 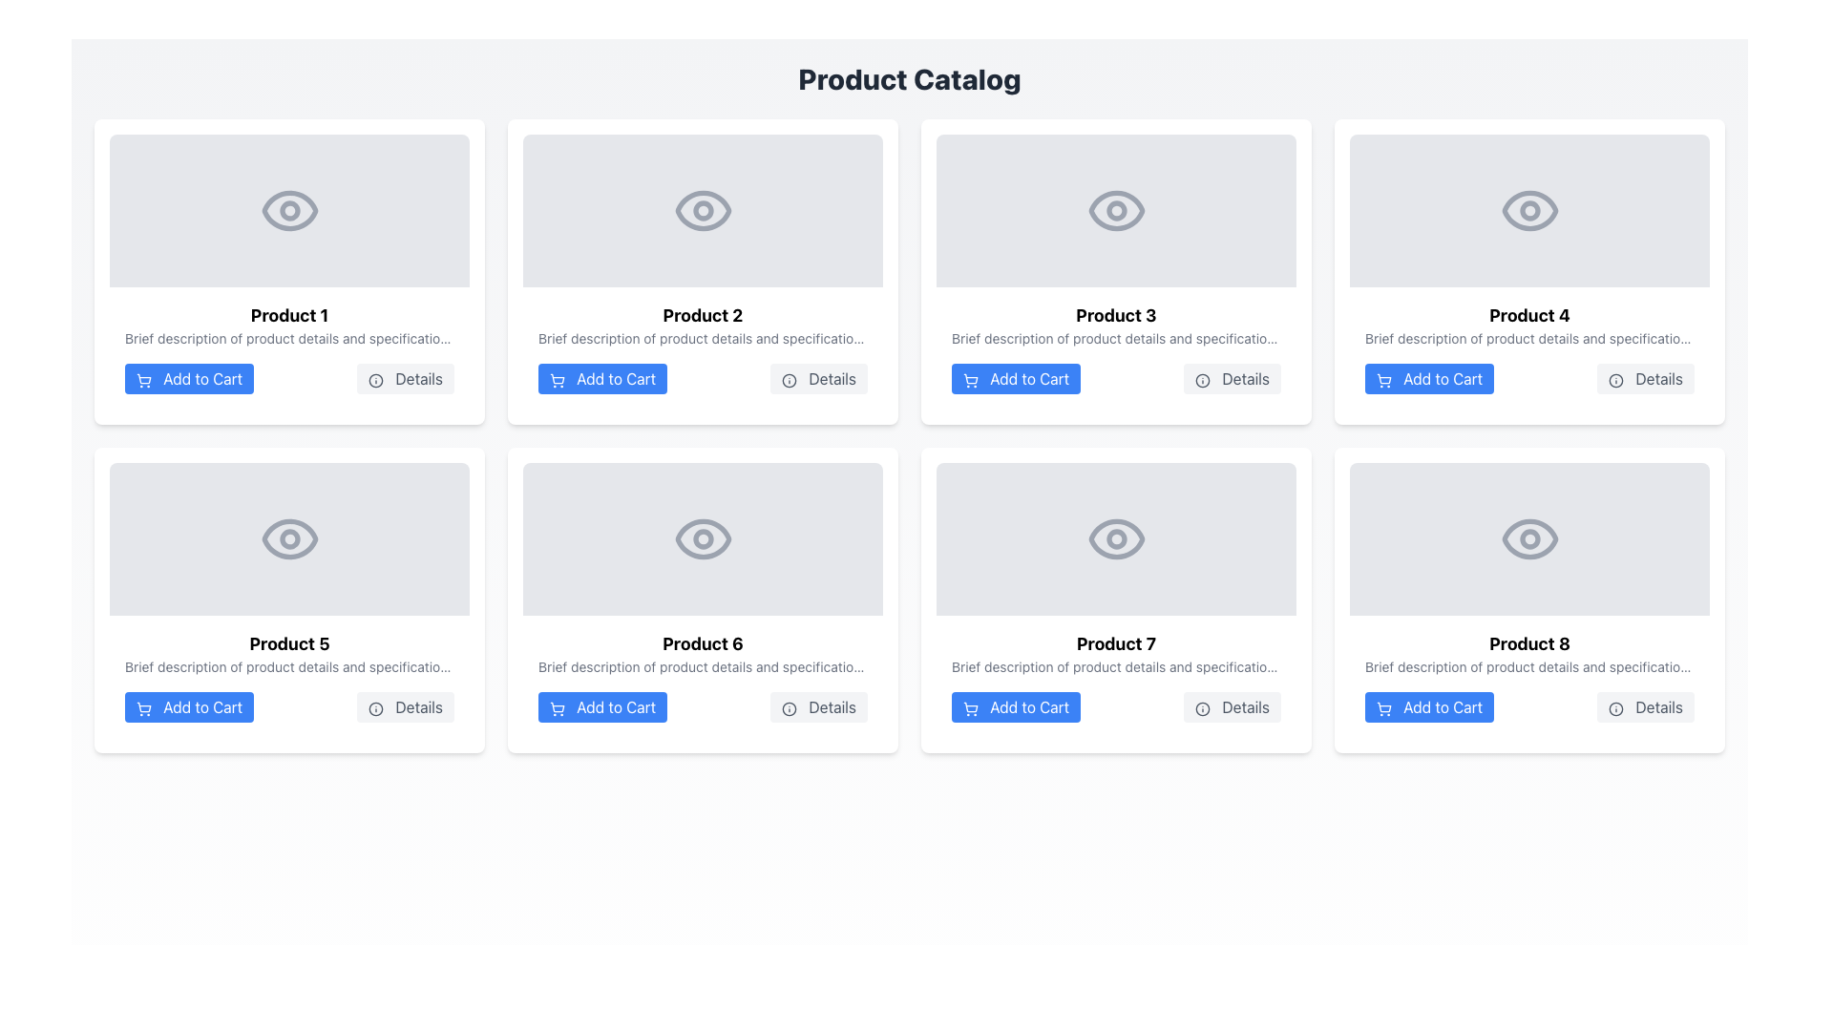 I want to click on the 'Add to Cart' button located in the lower section of the 'Product 5' card, which has a blue background and contains a shopping cart icon and white text, so click(x=189, y=706).